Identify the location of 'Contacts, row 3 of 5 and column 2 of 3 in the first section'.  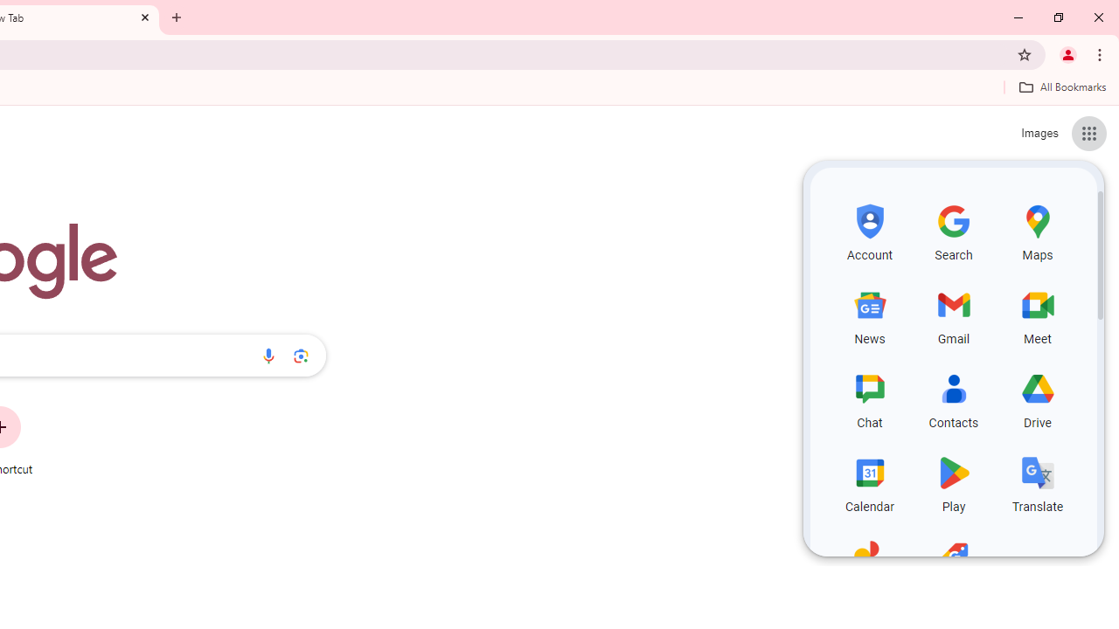
(953, 398).